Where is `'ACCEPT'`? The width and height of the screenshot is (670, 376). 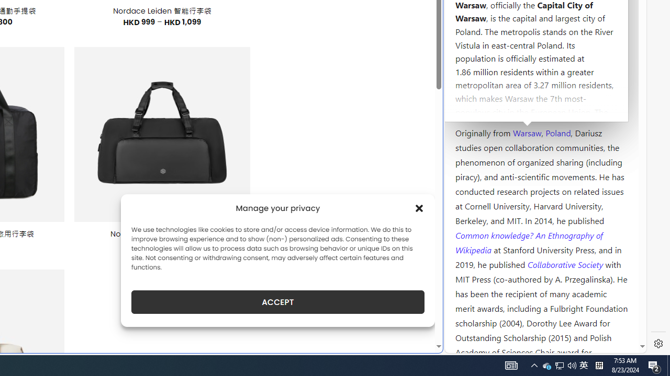
'ACCEPT' is located at coordinates (278, 302).